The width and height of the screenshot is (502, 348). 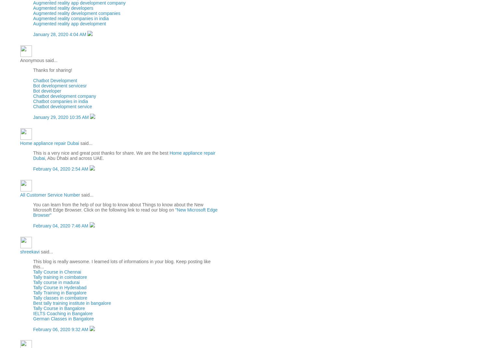 What do you see at coordinates (32, 308) in the screenshot?
I see `'Tally Course in Bangalore'` at bounding box center [32, 308].